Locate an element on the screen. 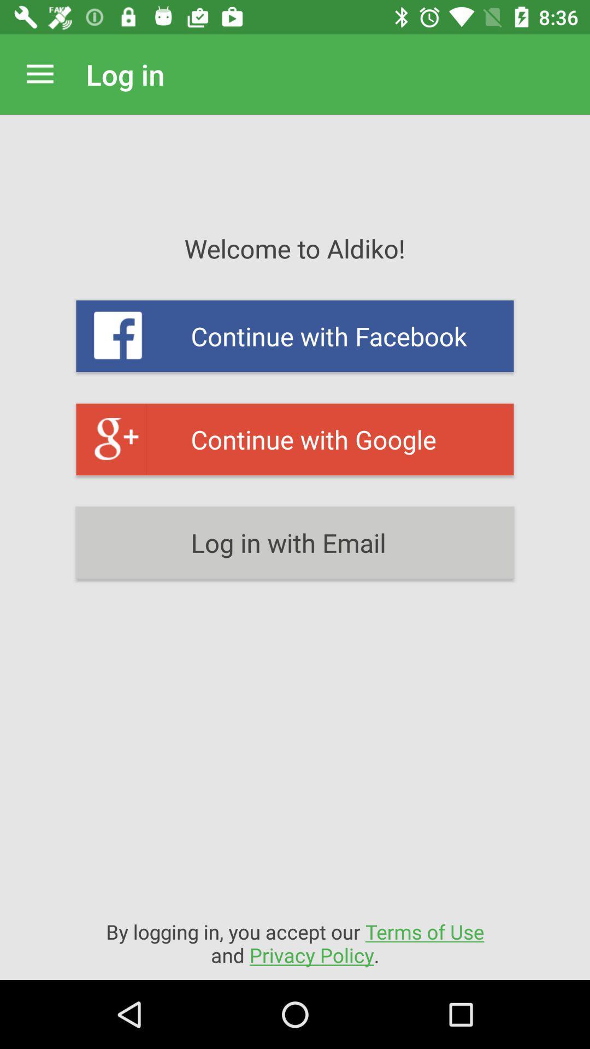 The image size is (590, 1049). the by logging in icon is located at coordinates (295, 942).